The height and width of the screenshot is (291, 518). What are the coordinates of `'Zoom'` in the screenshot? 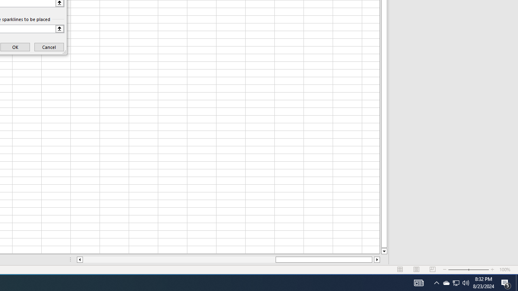 It's located at (469, 270).